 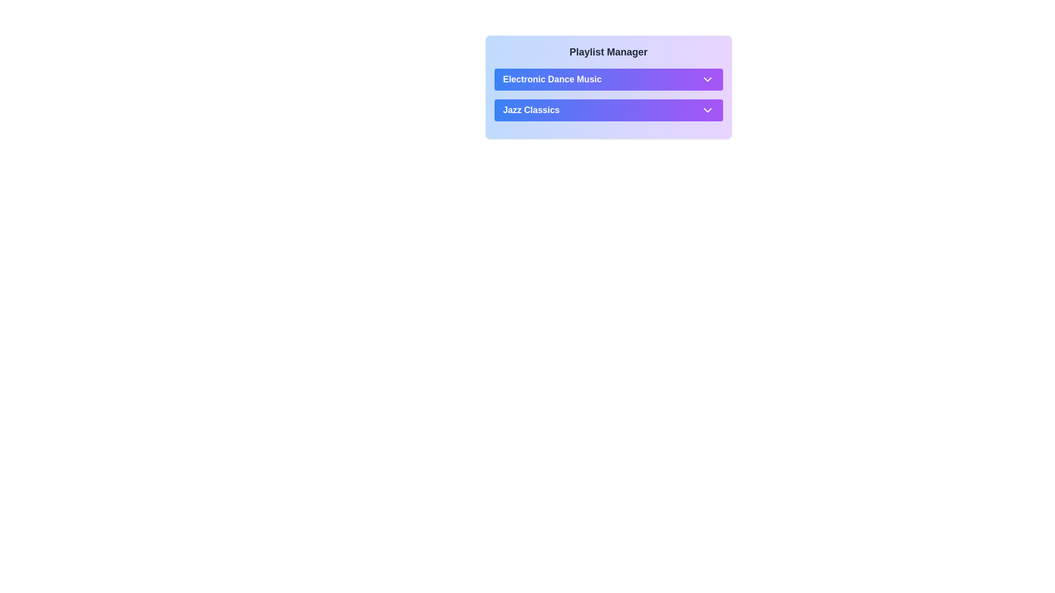 I want to click on the downward-pointing chevron icon located at the far-right side of the 'Electronic Dance Music' interactive bar, so click(x=707, y=79).